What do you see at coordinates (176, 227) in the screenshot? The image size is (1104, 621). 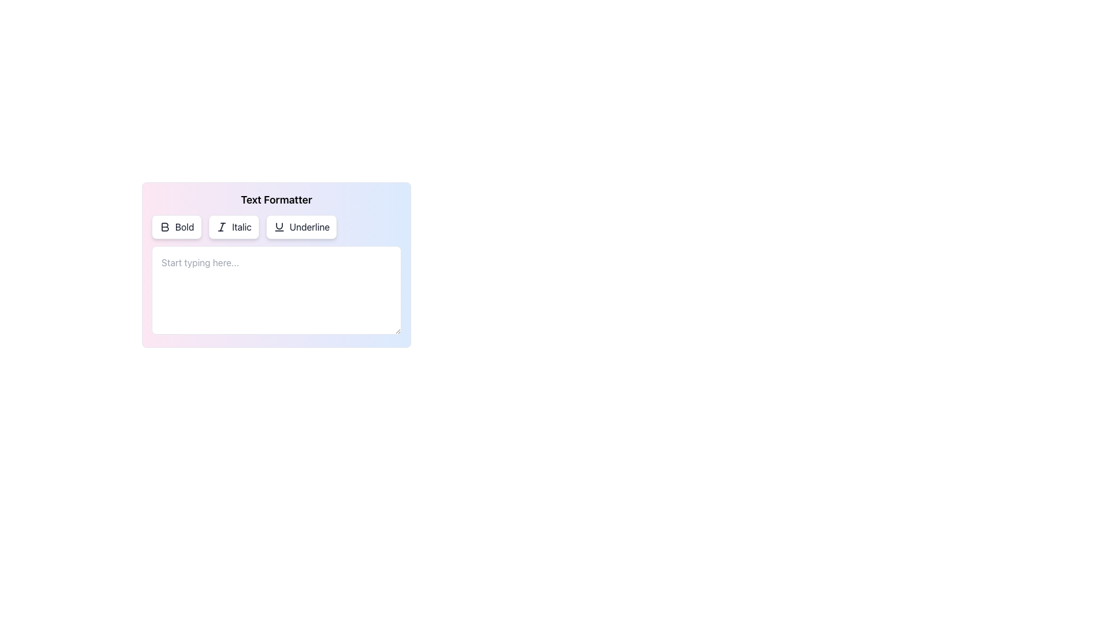 I see `the 'Bold' button located on the left side of the text formatting section` at bounding box center [176, 227].